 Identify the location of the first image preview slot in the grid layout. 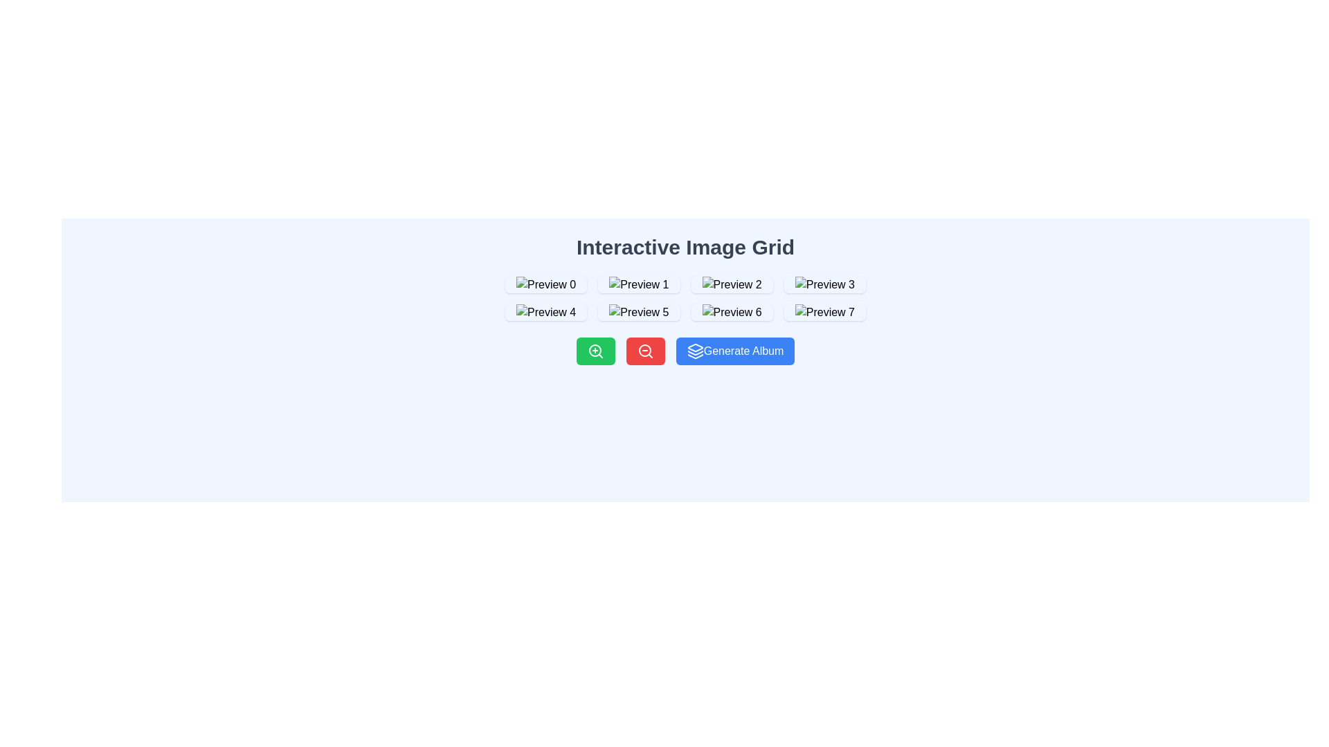
(545, 284).